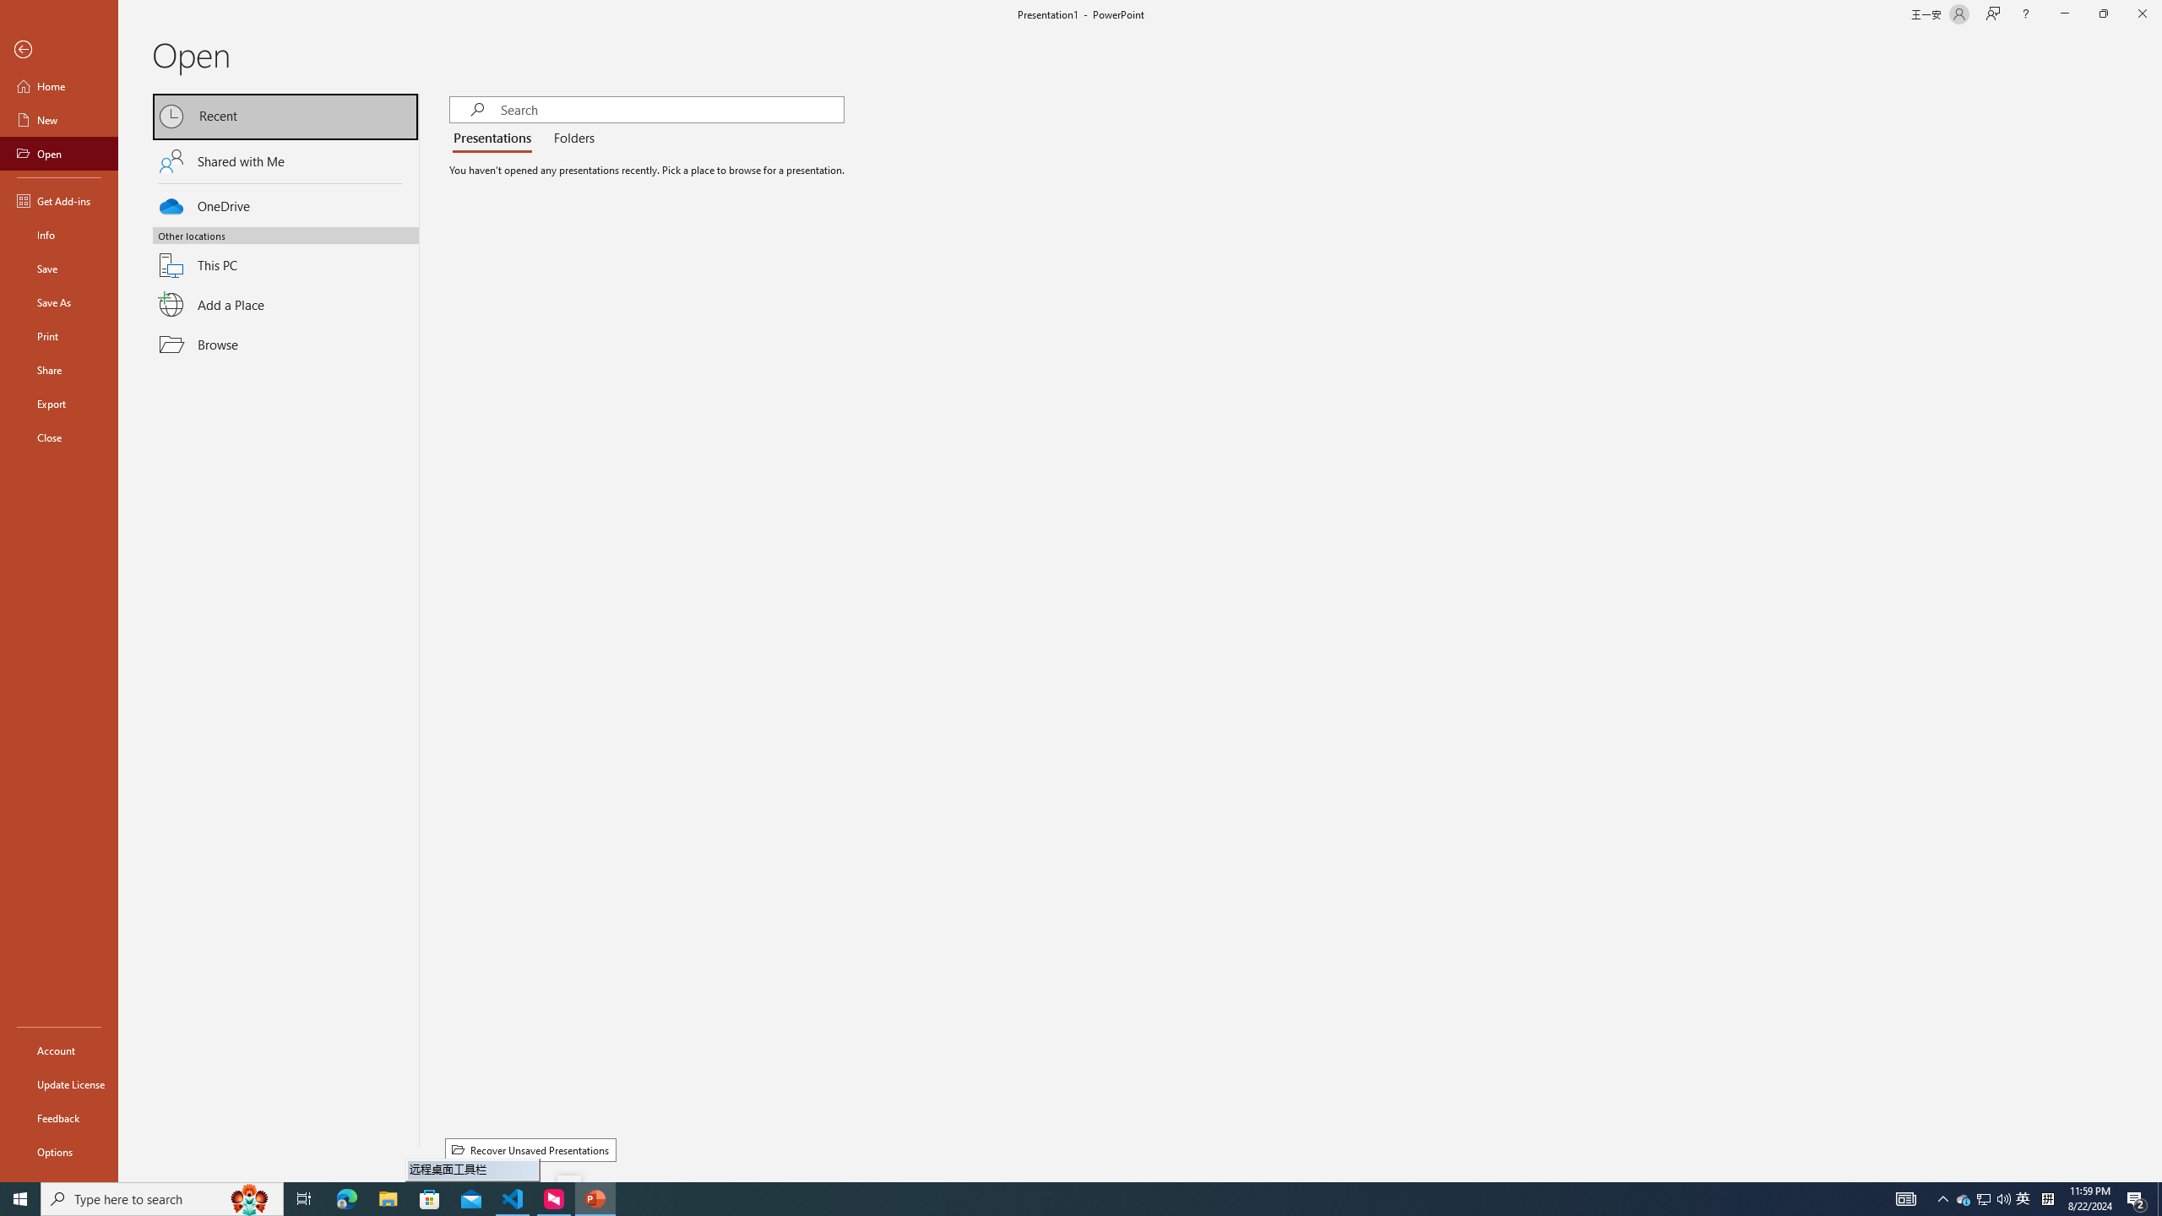 This screenshot has width=2162, height=1216. I want to click on 'Save As', so click(58, 301).